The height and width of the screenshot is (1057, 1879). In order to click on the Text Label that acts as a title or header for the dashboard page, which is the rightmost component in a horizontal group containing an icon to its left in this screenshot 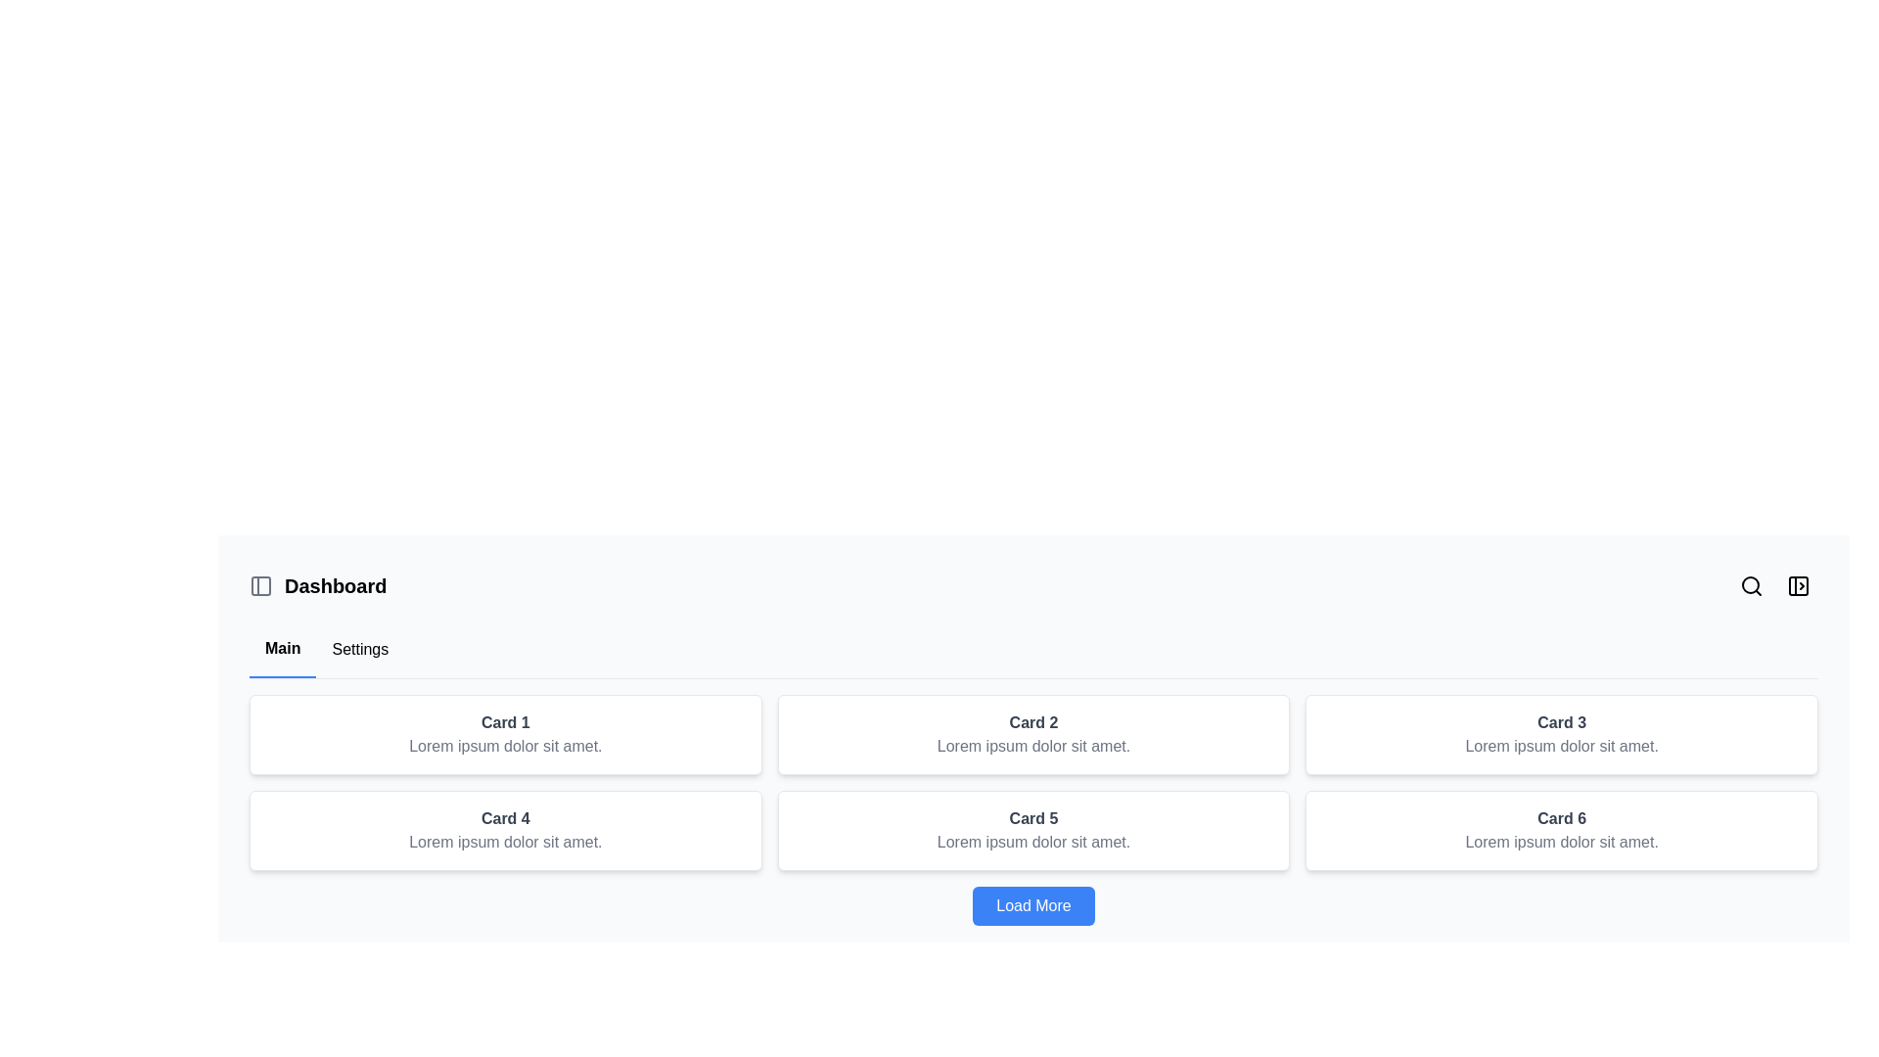, I will do `click(336, 584)`.